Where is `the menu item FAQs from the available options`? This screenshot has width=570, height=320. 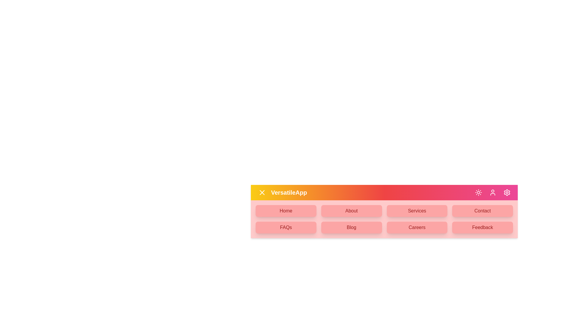 the menu item FAQs from the available options is located at coordinates (286, 227).